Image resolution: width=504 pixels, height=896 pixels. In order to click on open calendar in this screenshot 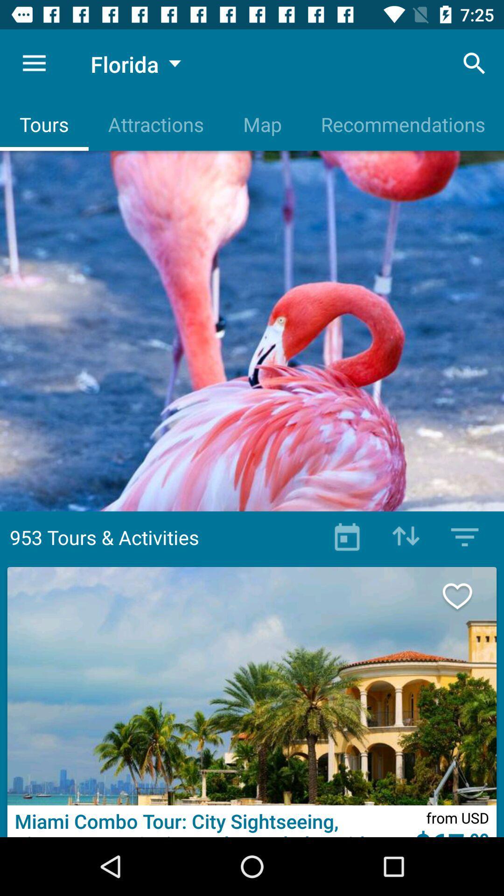, I will do `click(347, 537)`.